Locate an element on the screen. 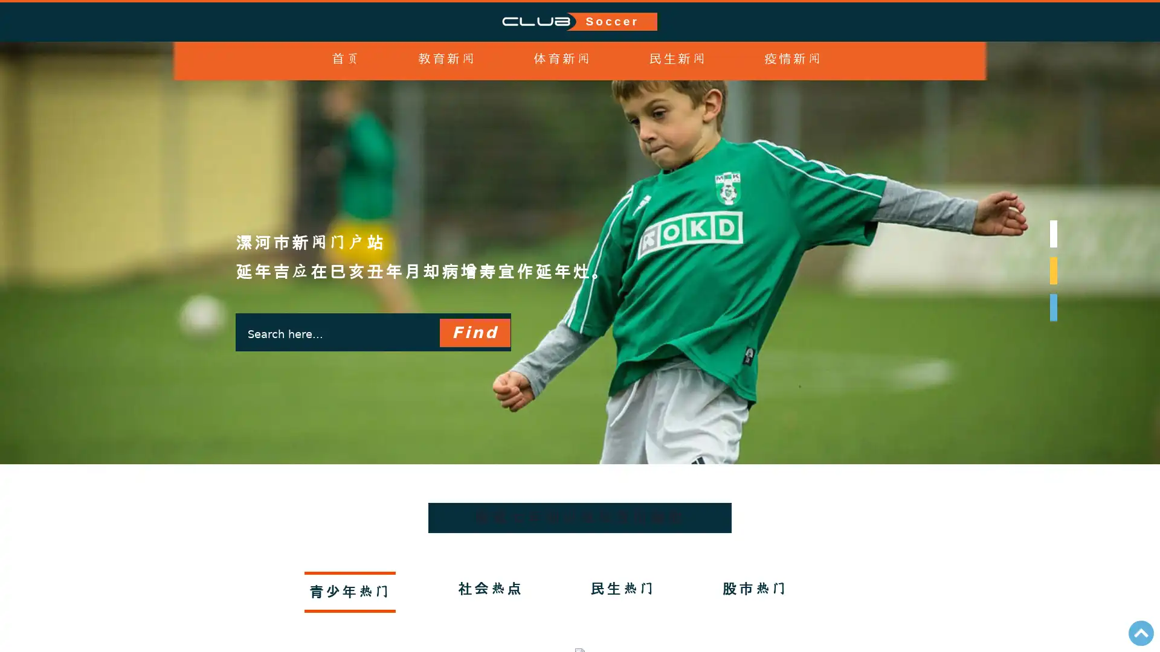 The height and width of the screenshot is (652, 1160). Find is located at coordinates (474, 333).